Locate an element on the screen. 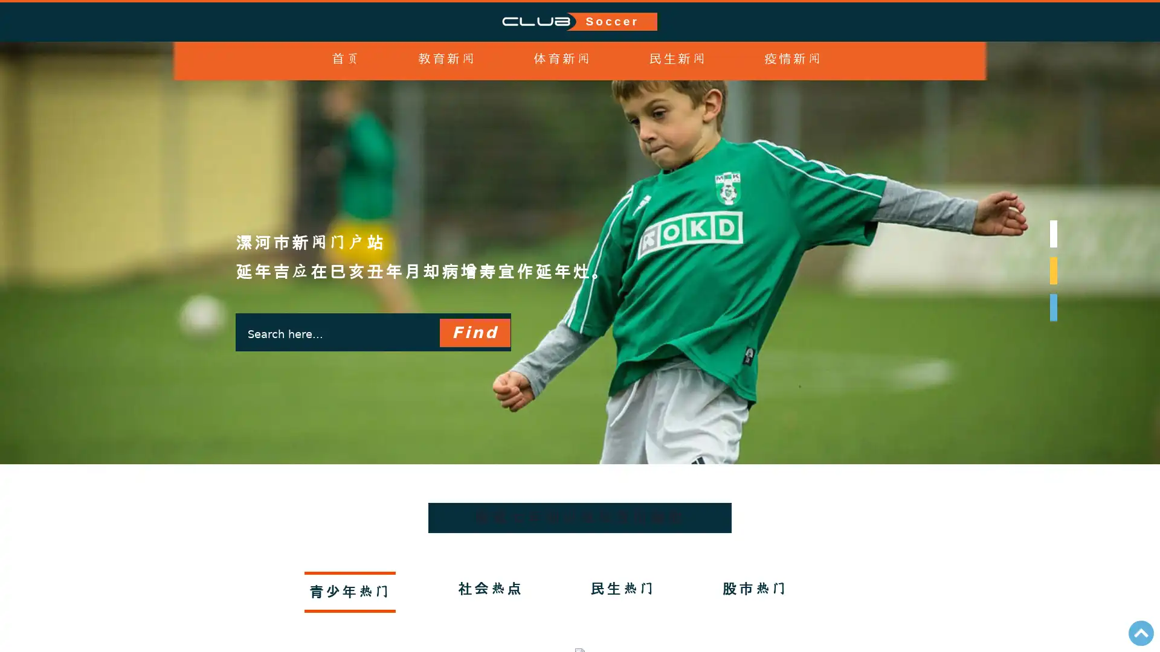 The height and width of the screenshot is (652, 1160). Find is located at coordinates (474, 333).